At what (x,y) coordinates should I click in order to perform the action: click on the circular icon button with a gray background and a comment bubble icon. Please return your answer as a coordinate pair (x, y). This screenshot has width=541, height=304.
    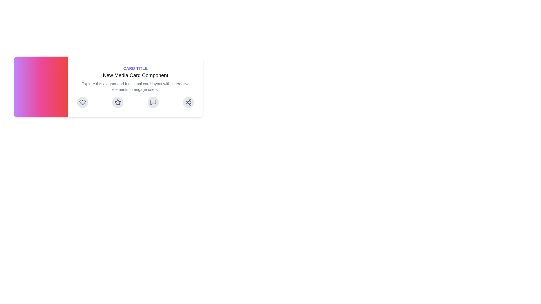
    Looking at the image, I should click on (153, 102).